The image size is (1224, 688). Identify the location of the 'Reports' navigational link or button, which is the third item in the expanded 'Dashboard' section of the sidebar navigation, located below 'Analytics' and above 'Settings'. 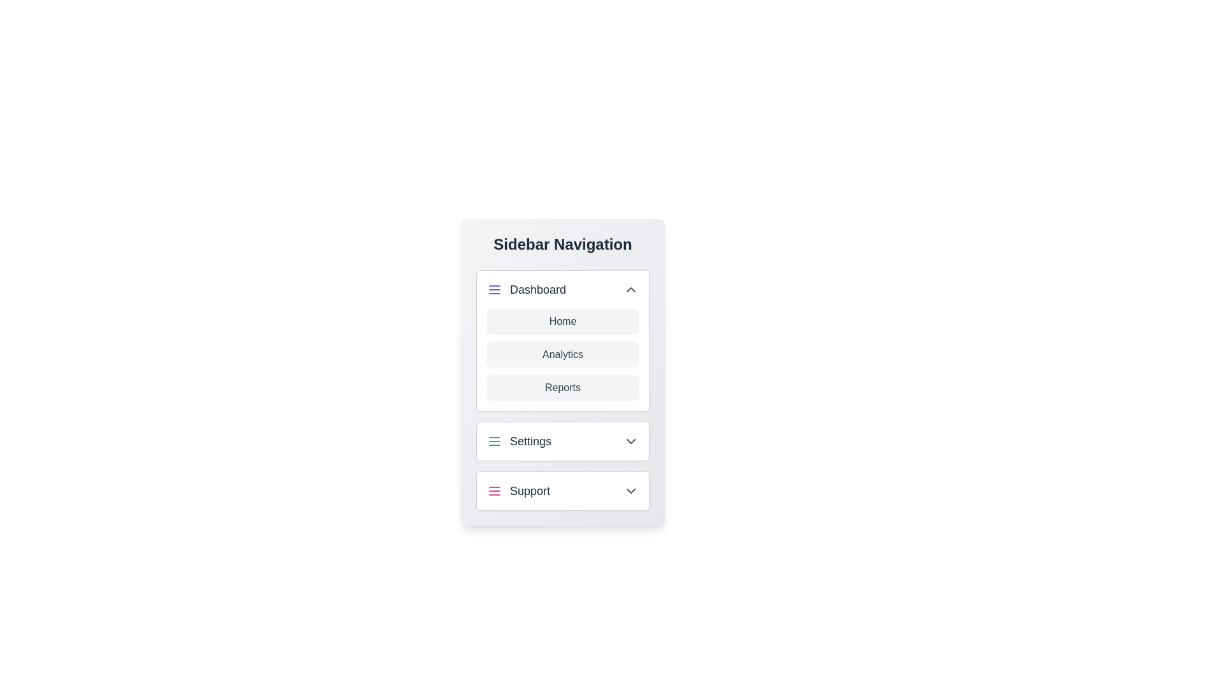
(562, 390).